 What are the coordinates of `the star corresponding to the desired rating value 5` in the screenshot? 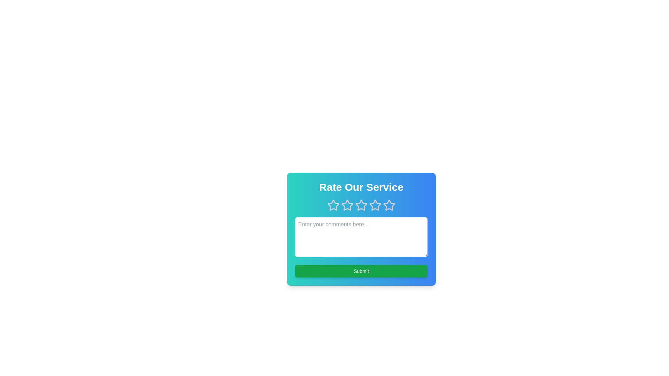 It's located at (389, 205).